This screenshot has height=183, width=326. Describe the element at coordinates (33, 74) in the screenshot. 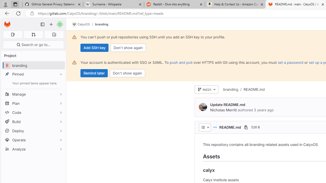

I see `'Pinned'` at that location.